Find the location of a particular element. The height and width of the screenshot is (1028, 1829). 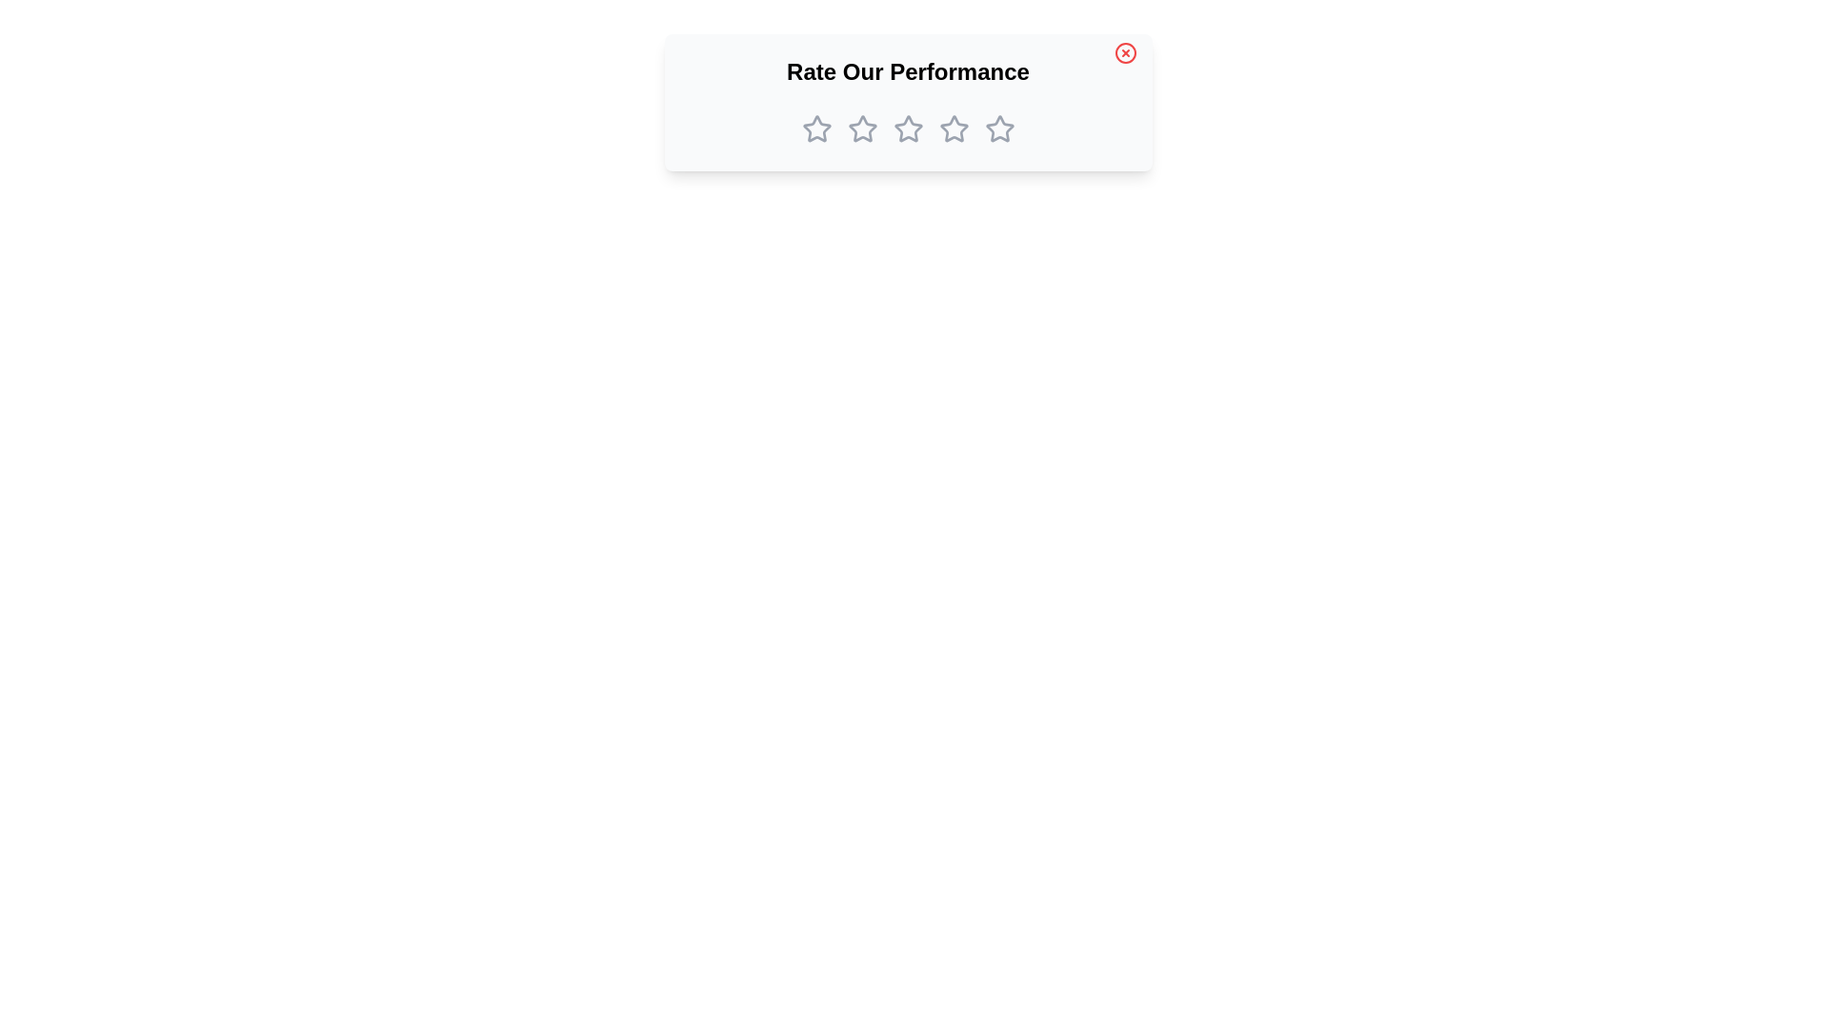

the star corresponding to the desired rating 3 is located at coordinates (907, 128).